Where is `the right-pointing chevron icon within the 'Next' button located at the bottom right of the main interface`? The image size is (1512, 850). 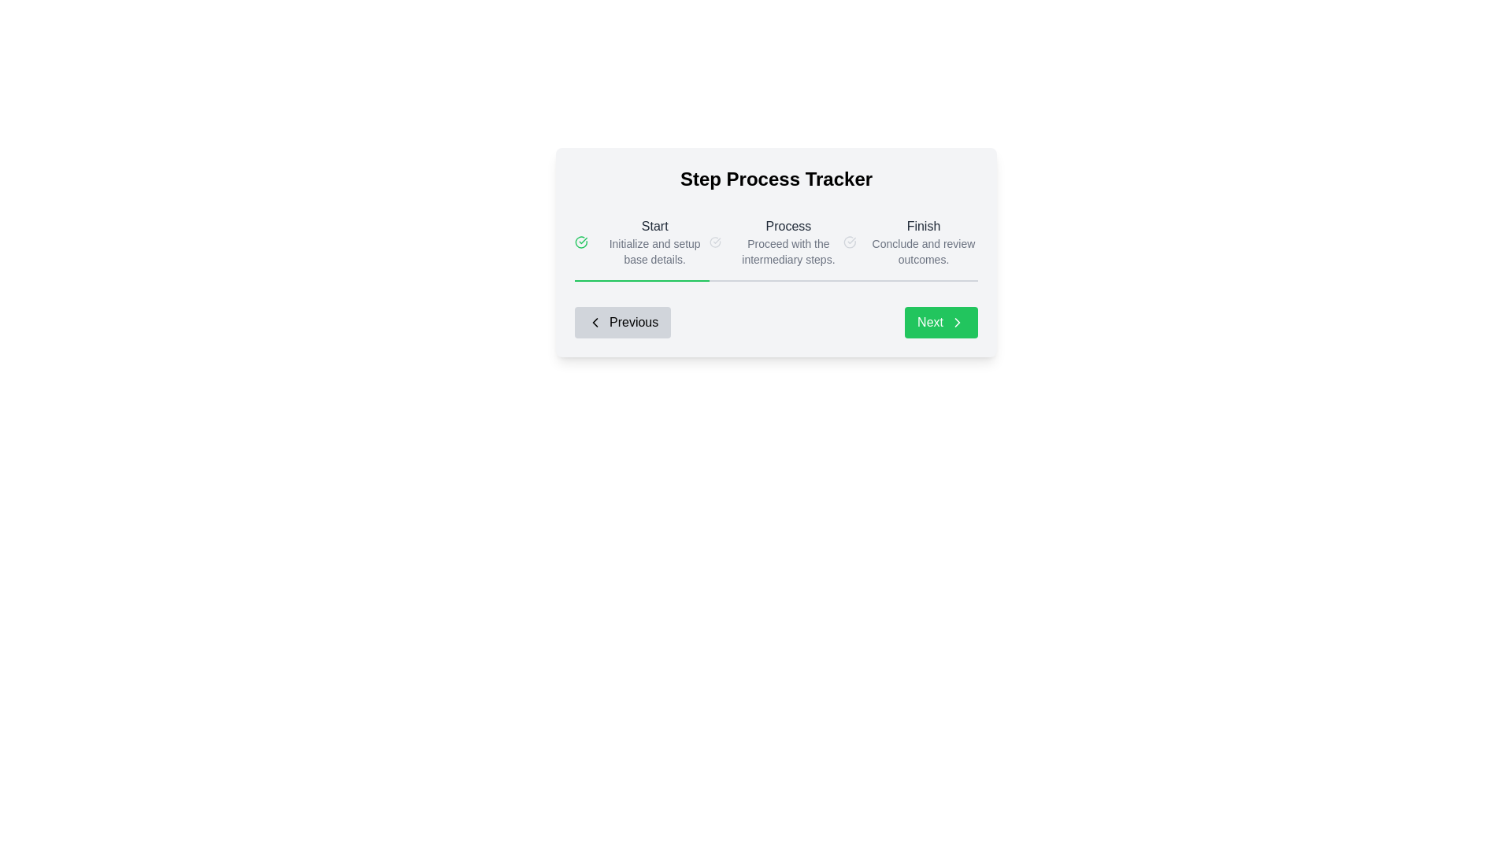 the right-pointing chevron icon within the 'Next' button located at the bottom right of the main interface is located at coordinates (956, 321).